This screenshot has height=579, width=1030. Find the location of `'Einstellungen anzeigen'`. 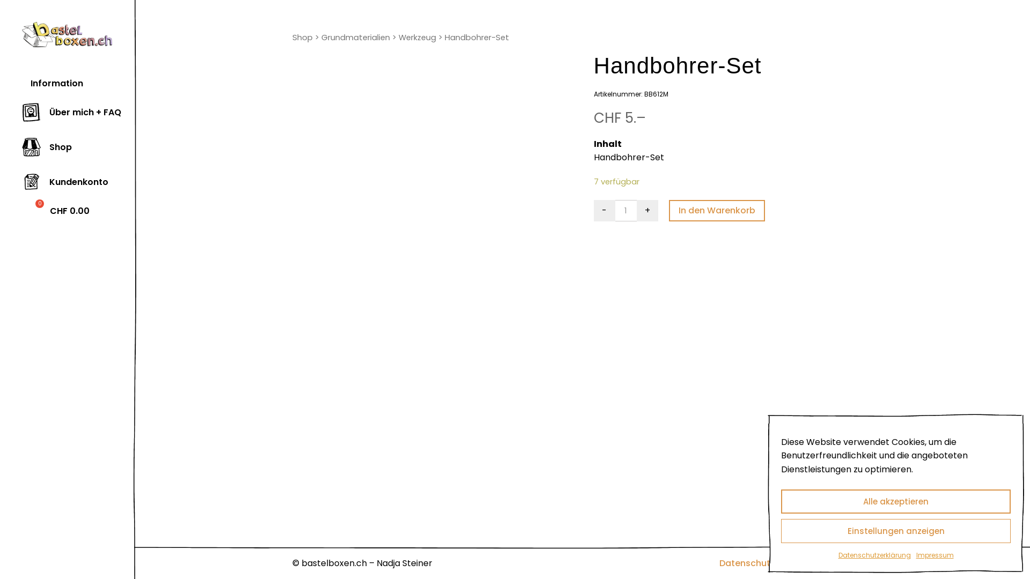

'Einstellungen anzeigen' is located at coordinates (896, 531).